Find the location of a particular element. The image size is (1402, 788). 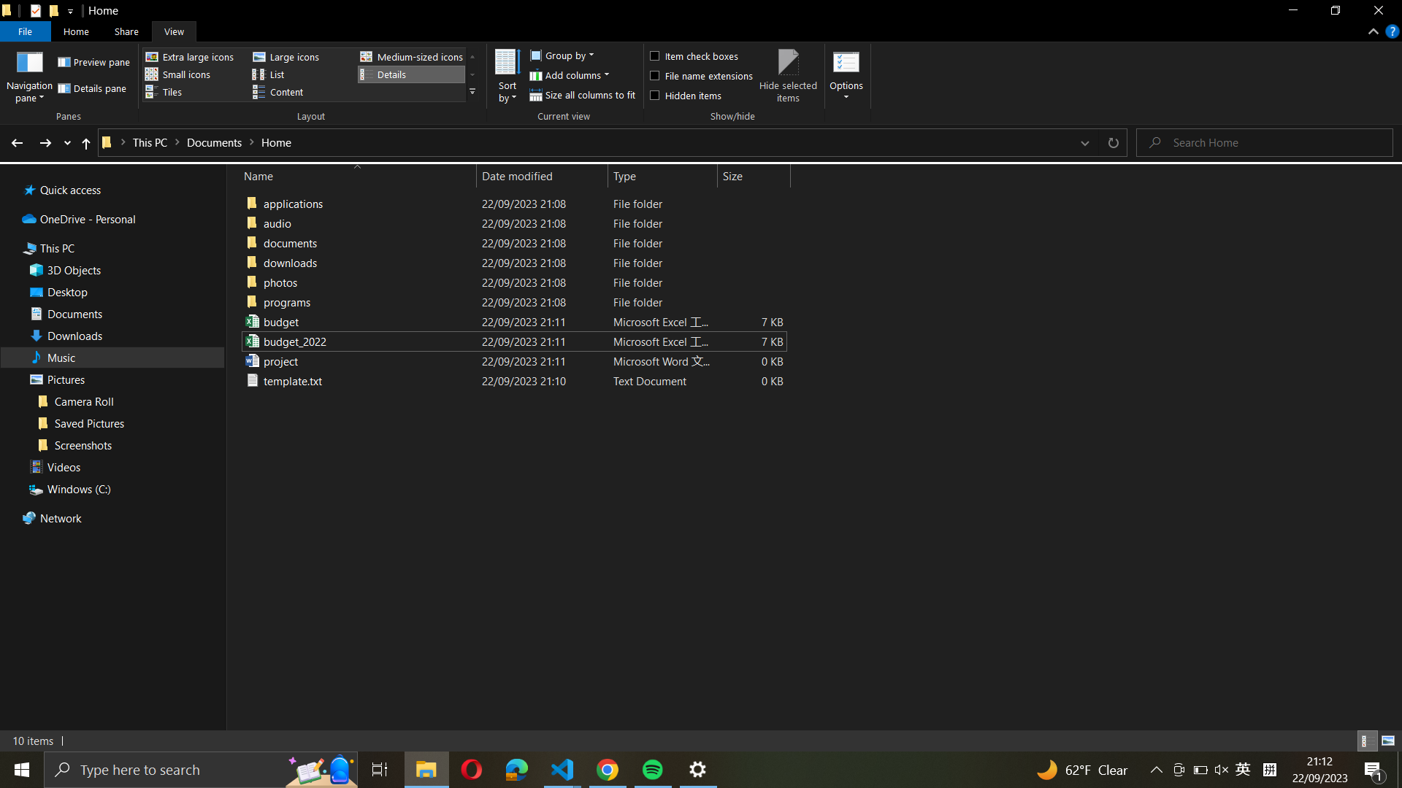

Scale up to large icon view is located at coordinates (298, 56).